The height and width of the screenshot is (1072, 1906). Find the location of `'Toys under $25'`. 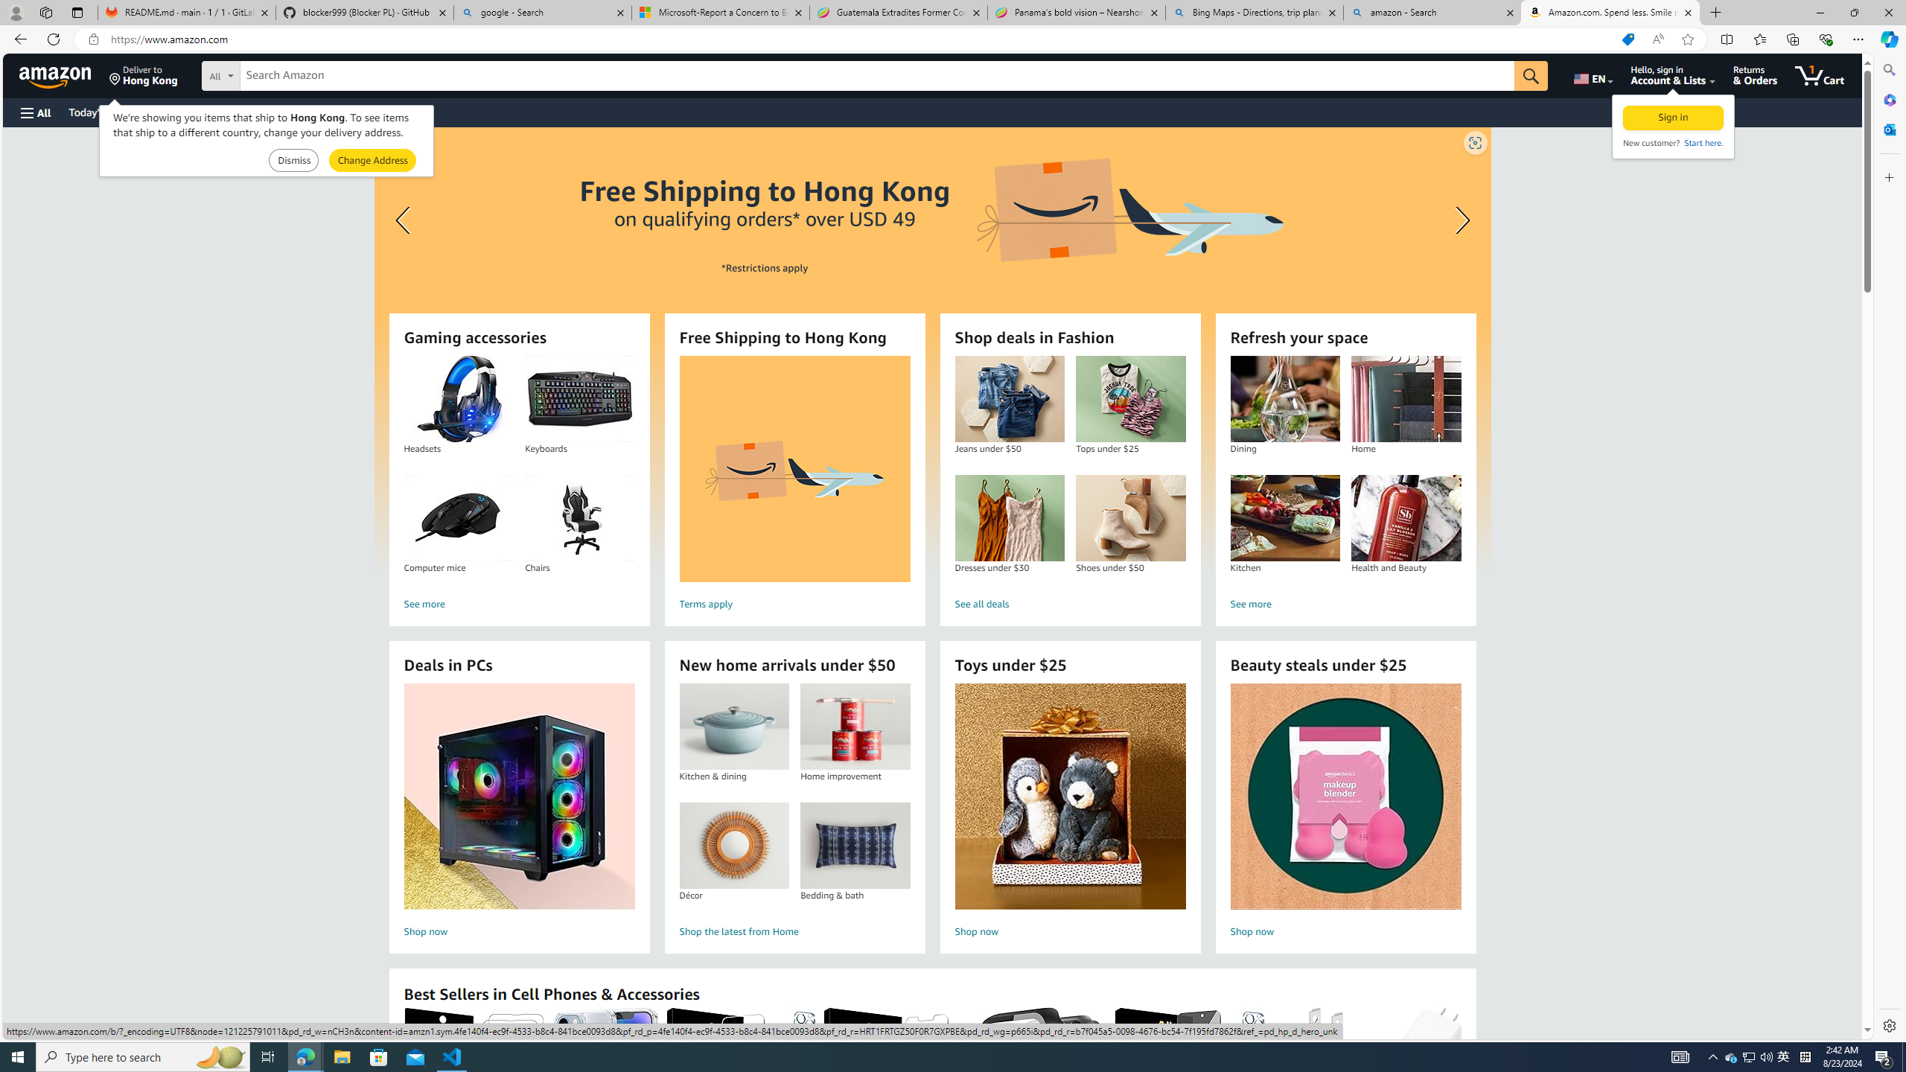

'Toys under $25' is located at coordinates (1071, 796).